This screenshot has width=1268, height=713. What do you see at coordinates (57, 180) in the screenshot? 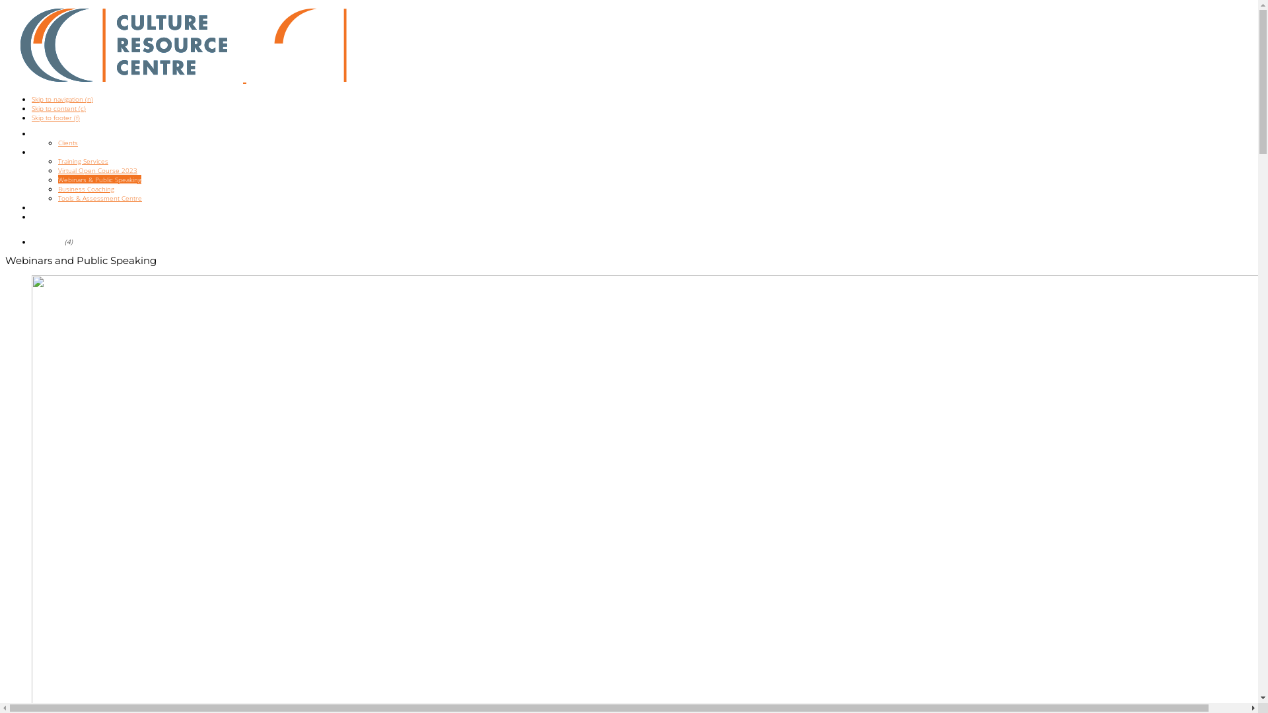
I see `'Webinars & Public Speaking'` at bounding box center [57, 180].